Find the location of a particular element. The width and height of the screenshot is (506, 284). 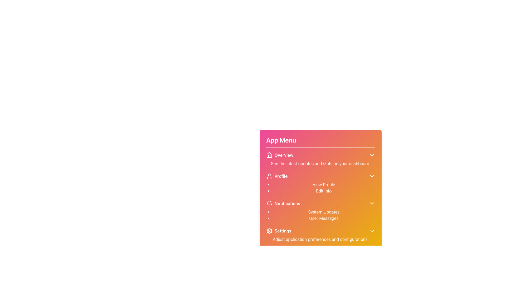

the Dropdown toggle icon, which is an SVG icon with a downward-pointing chevron located at the rightmost position of the 'Notifications' row is located at coordinates (372, 203).